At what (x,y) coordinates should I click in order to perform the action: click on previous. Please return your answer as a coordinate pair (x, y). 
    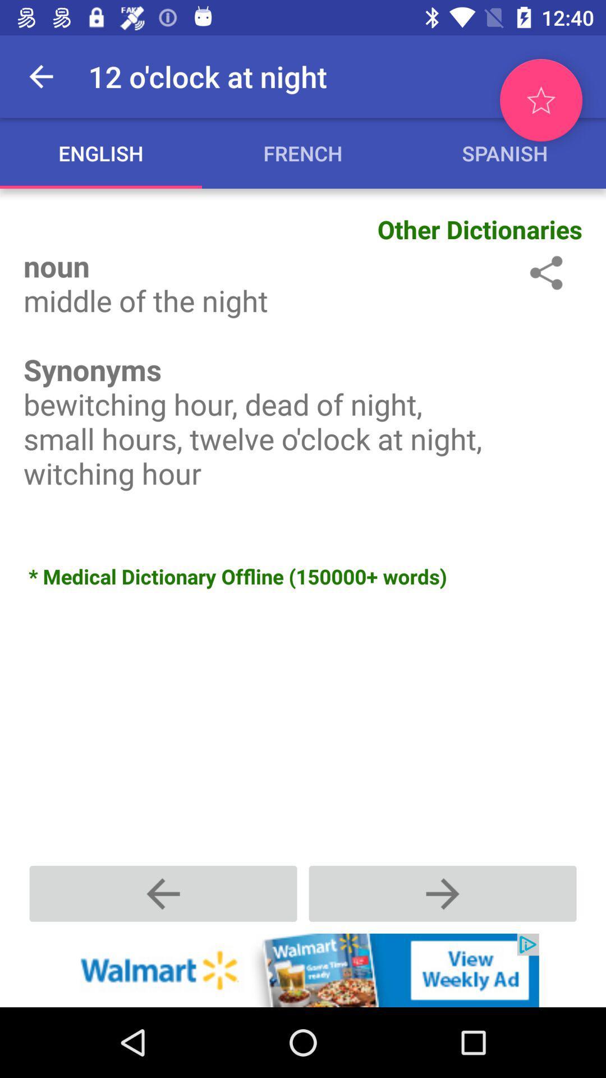
    Looking at the image, I should click on (442, 893).